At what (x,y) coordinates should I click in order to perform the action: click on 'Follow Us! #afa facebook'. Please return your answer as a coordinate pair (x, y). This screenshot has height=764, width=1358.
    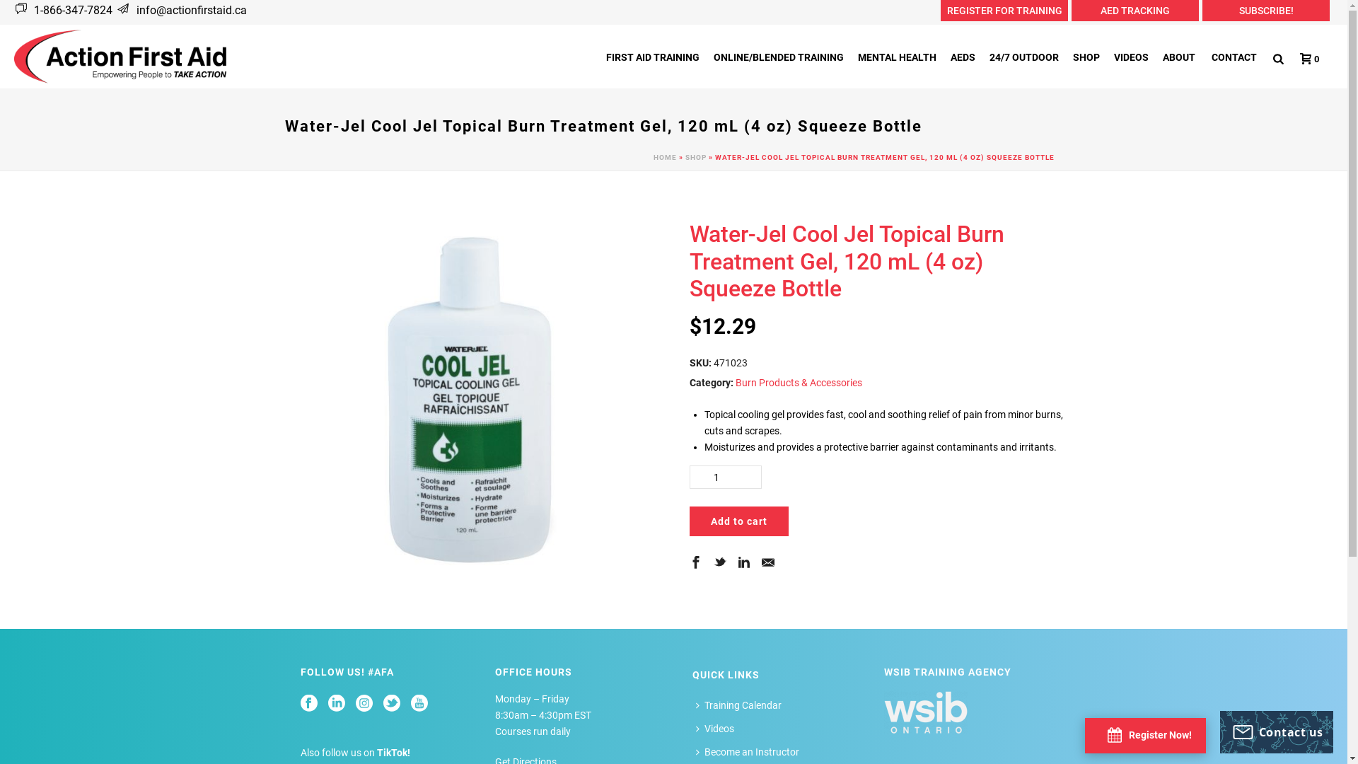
    Looking at the image, I should click on (308, 704).